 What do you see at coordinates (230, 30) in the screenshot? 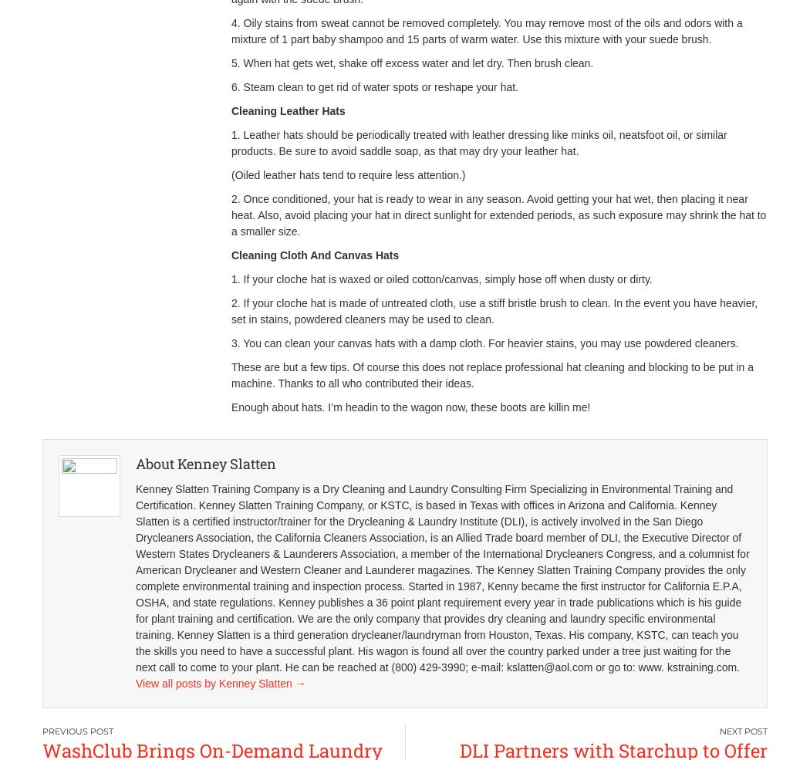
I see `'4. Oily stains from sweat cannot be removed completely. You may remove most of the oils and odors with a mixture of 1 part baby shampoo and 15 parts of warm water. Use this mixture with your suede brush.'` at bounding box center [230, 30].